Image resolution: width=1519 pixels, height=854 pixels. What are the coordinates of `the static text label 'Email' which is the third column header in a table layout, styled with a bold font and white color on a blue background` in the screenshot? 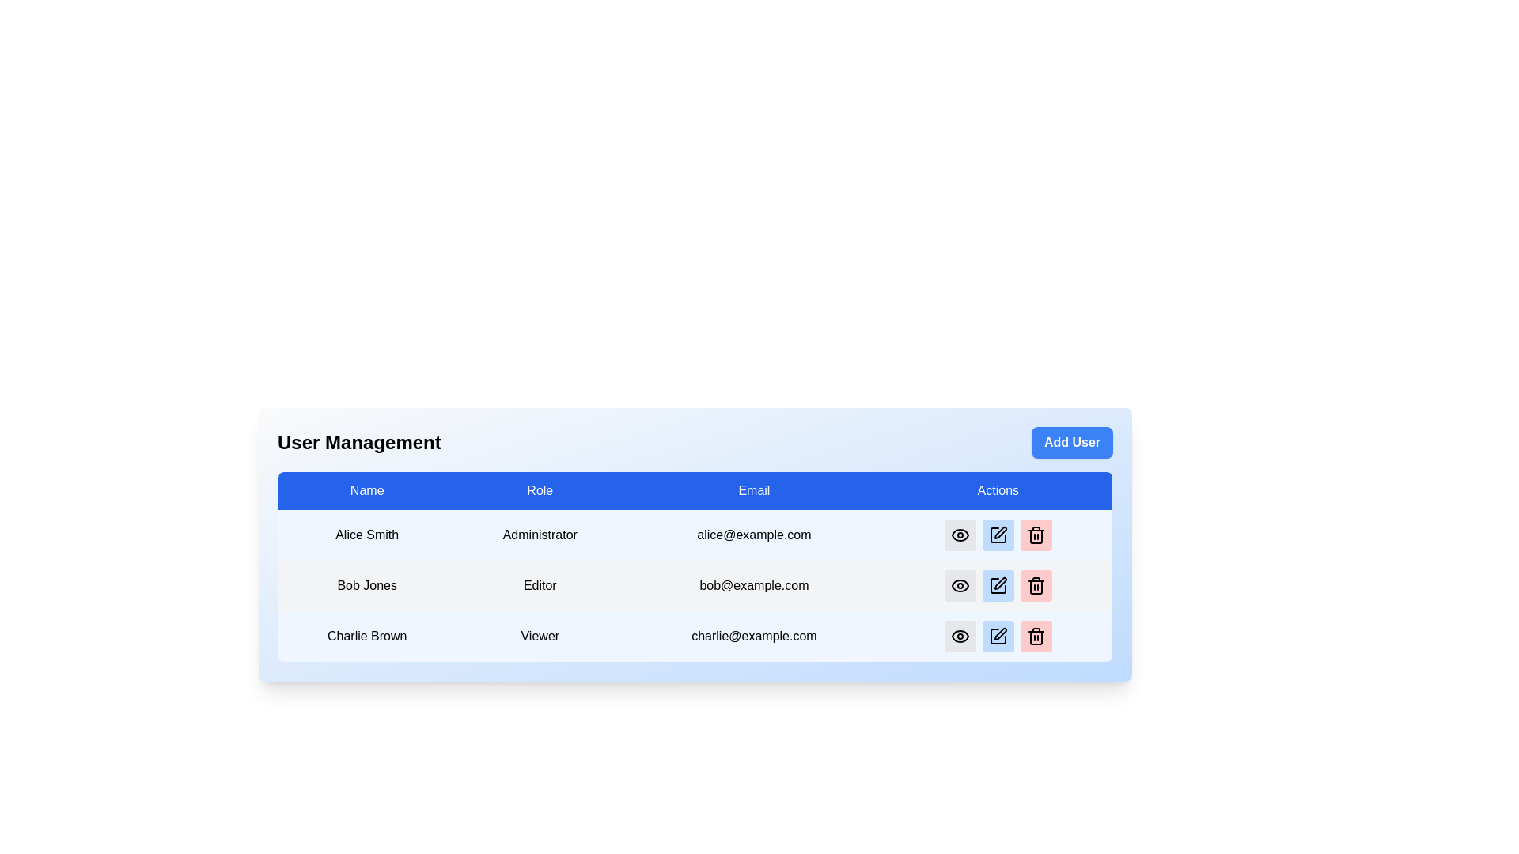 It's located at (753, 489).